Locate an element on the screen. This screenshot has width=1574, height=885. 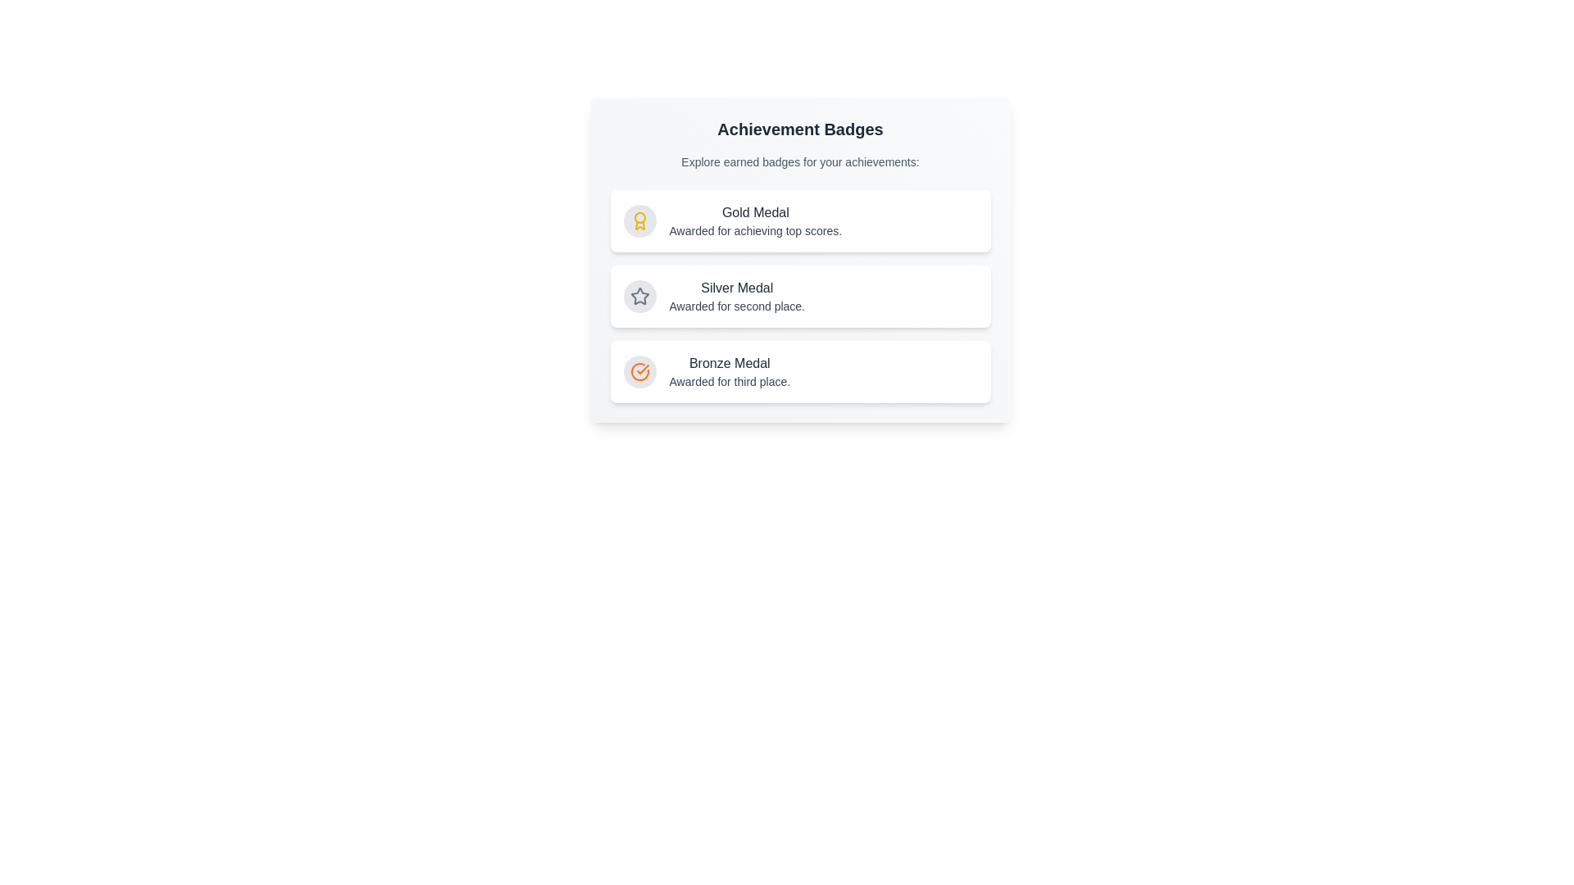
the bronze medal icon, which is the third item in a vertically stacked list of achievement badges, visually distinct by its orange color is located at coordinates (639, 372).